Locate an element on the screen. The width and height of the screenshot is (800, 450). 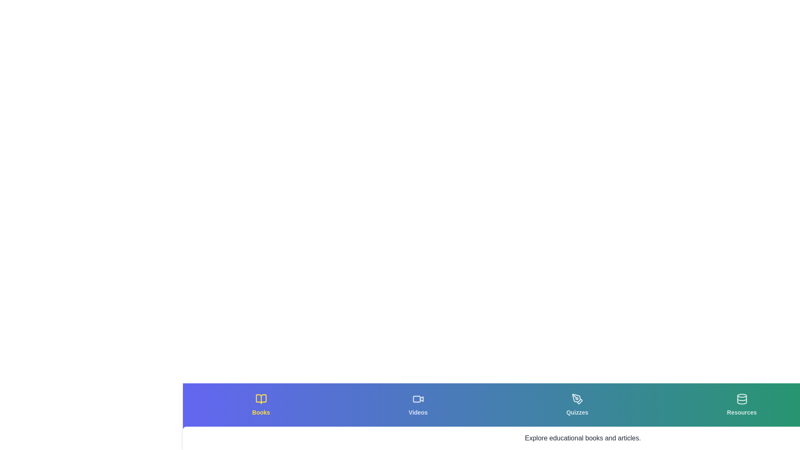
the tab labeled Books is located at coordinates (260, 405).